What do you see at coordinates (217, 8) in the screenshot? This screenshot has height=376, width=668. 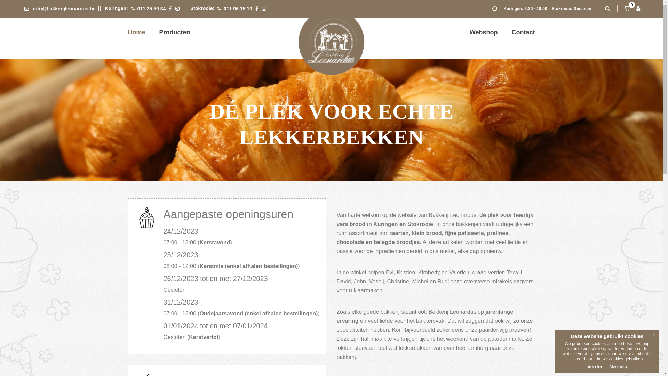 I see `'011 96 15 10'` at bounding box center [217, 8].